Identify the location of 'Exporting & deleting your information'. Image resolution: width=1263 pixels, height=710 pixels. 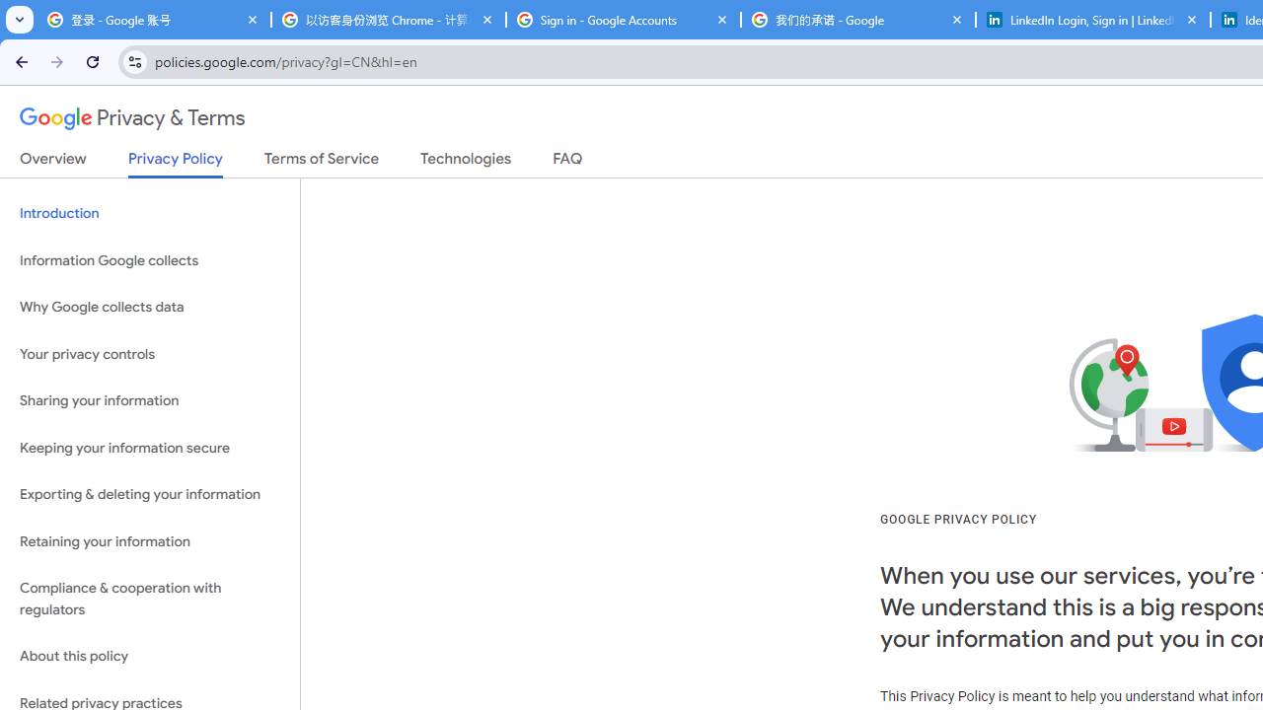
(149, 494).